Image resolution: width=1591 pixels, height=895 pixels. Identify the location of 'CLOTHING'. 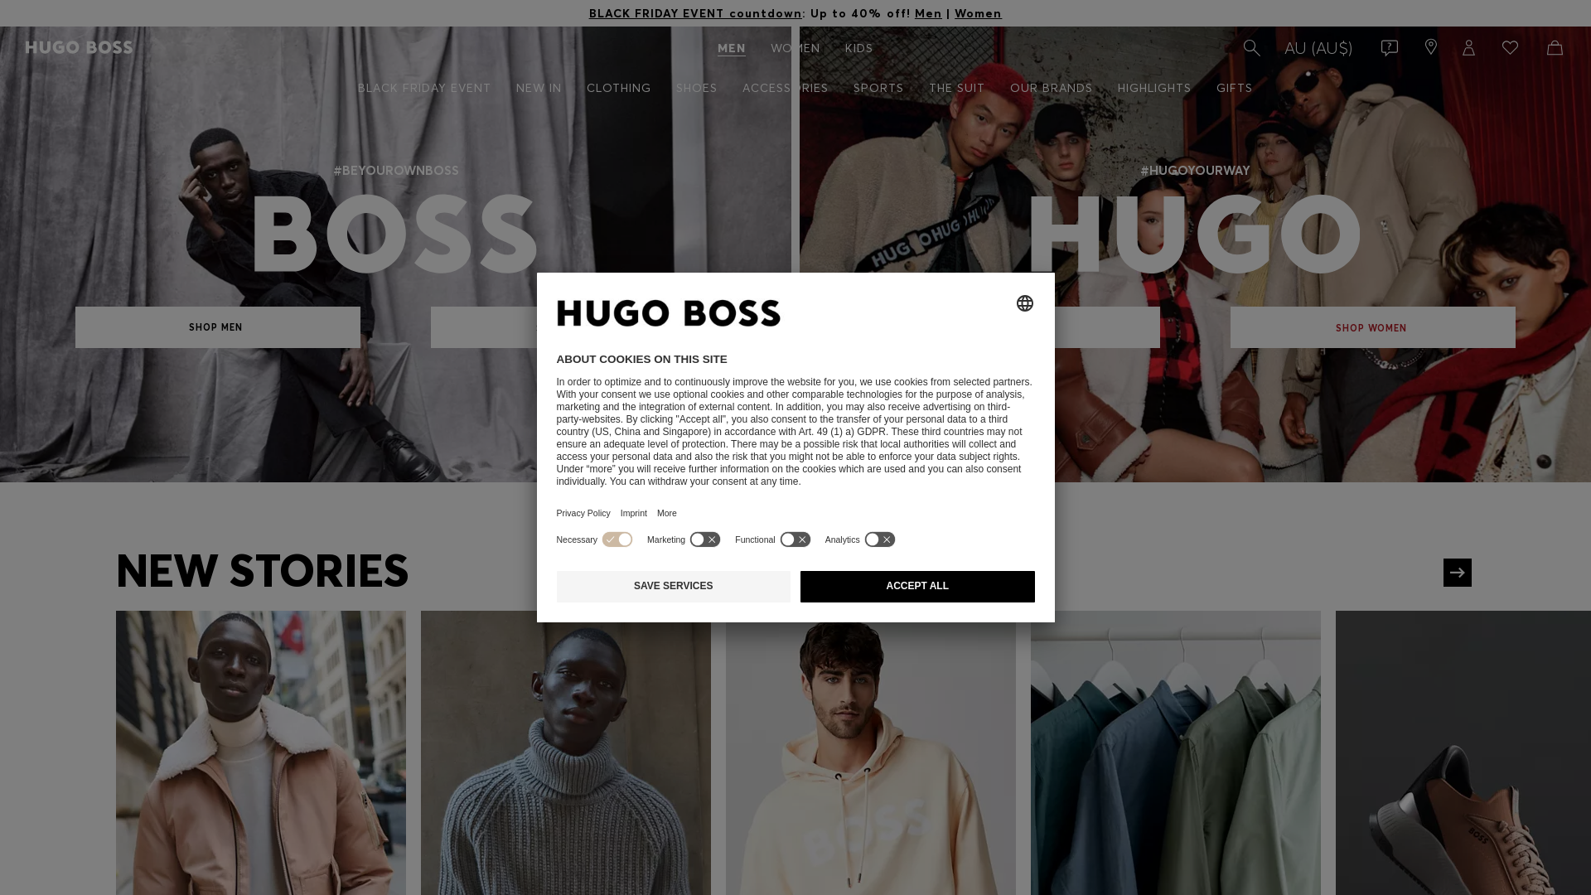
(617, 88).